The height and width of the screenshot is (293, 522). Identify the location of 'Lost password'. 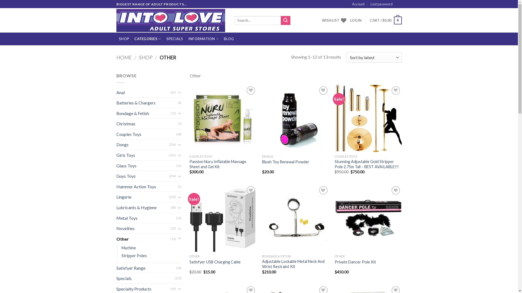
(381, 4).